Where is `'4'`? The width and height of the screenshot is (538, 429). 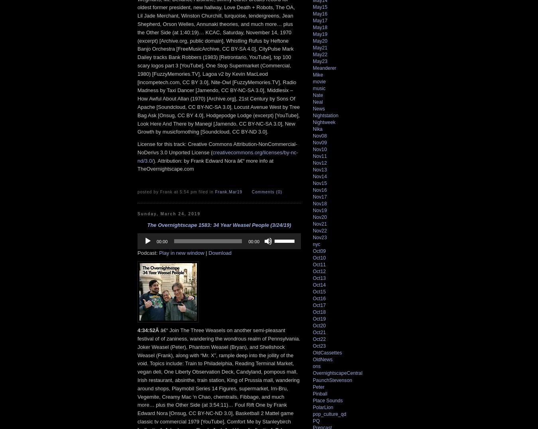 '4' is located at coordinates (137, 330).